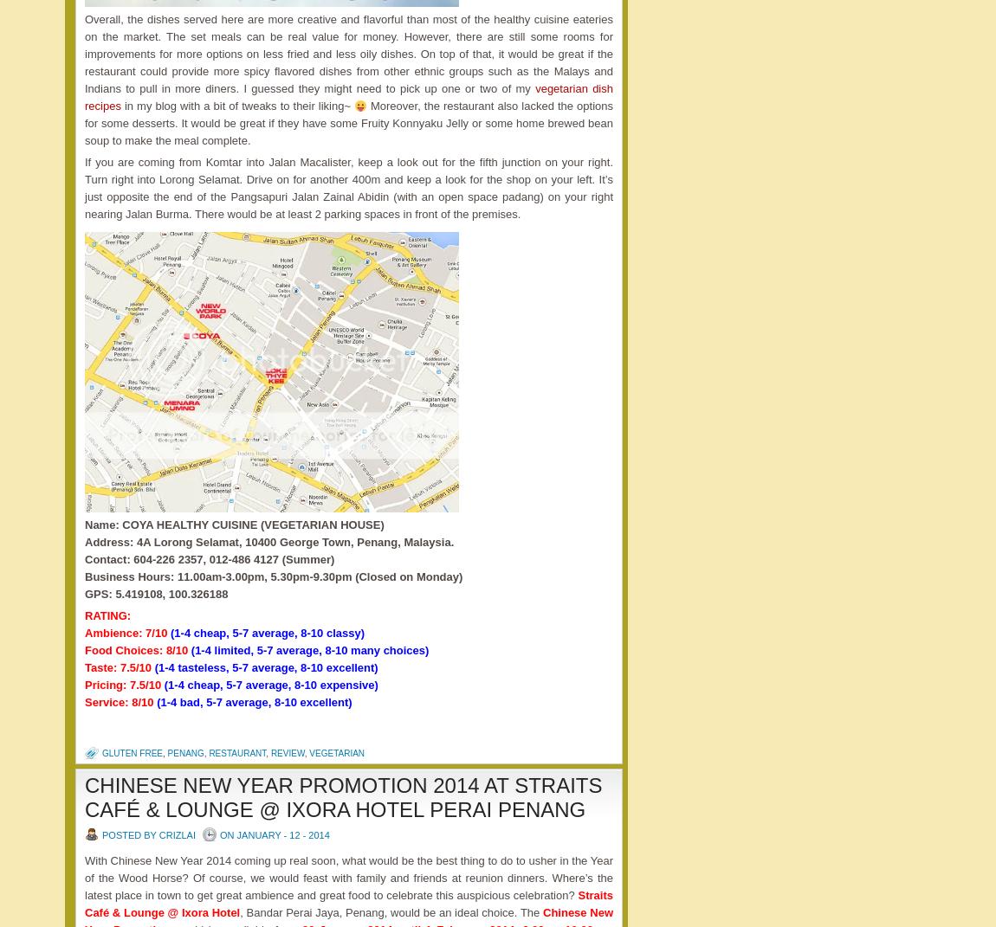  I want to click on 'Ambience: 7/10', so click(126, 633).